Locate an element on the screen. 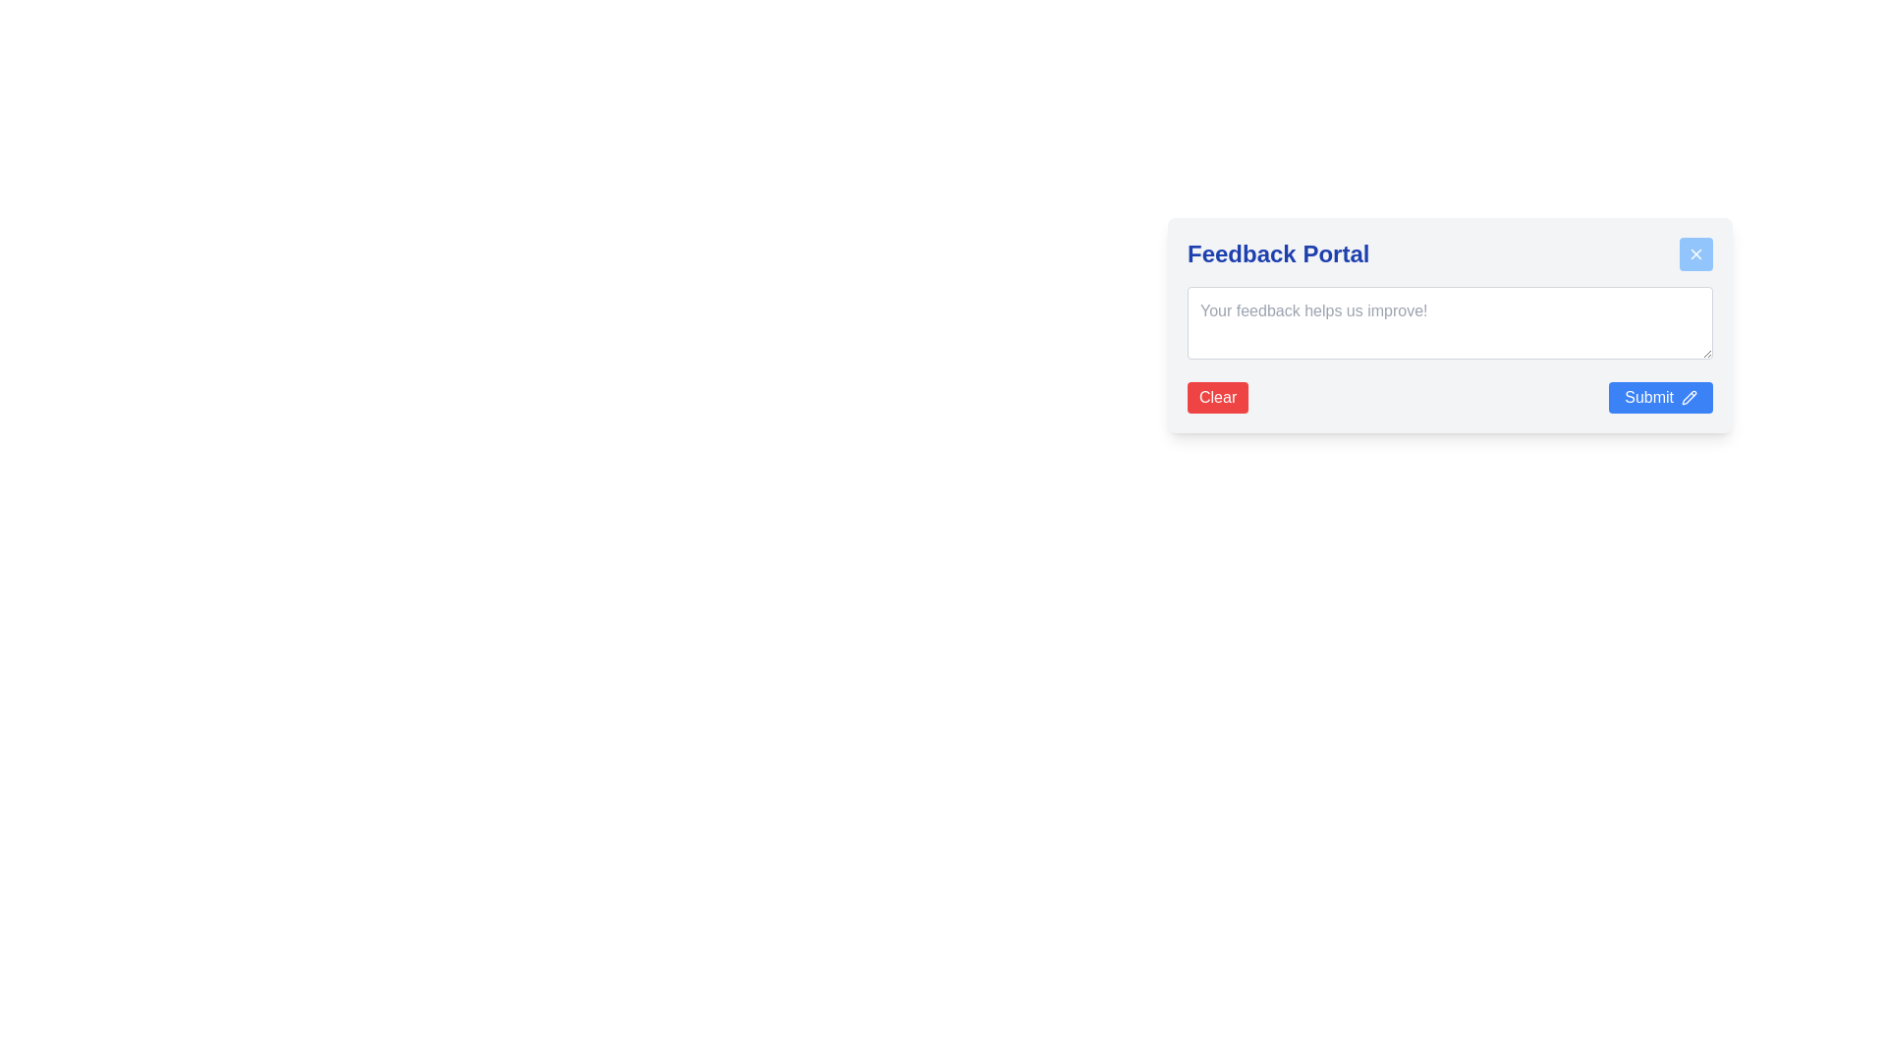 This screenshot has width=1886, height=1061. the 'Feedback Portal' text label, which is bold, 2xl sized, and blue, positioned above the input field and buttons is located at coordinates (1278, 252).